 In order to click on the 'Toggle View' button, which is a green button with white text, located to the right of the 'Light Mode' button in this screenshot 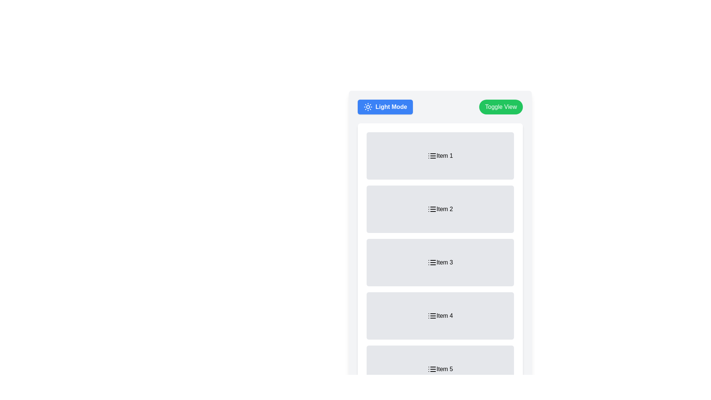, I will do `click(501, 107)`.